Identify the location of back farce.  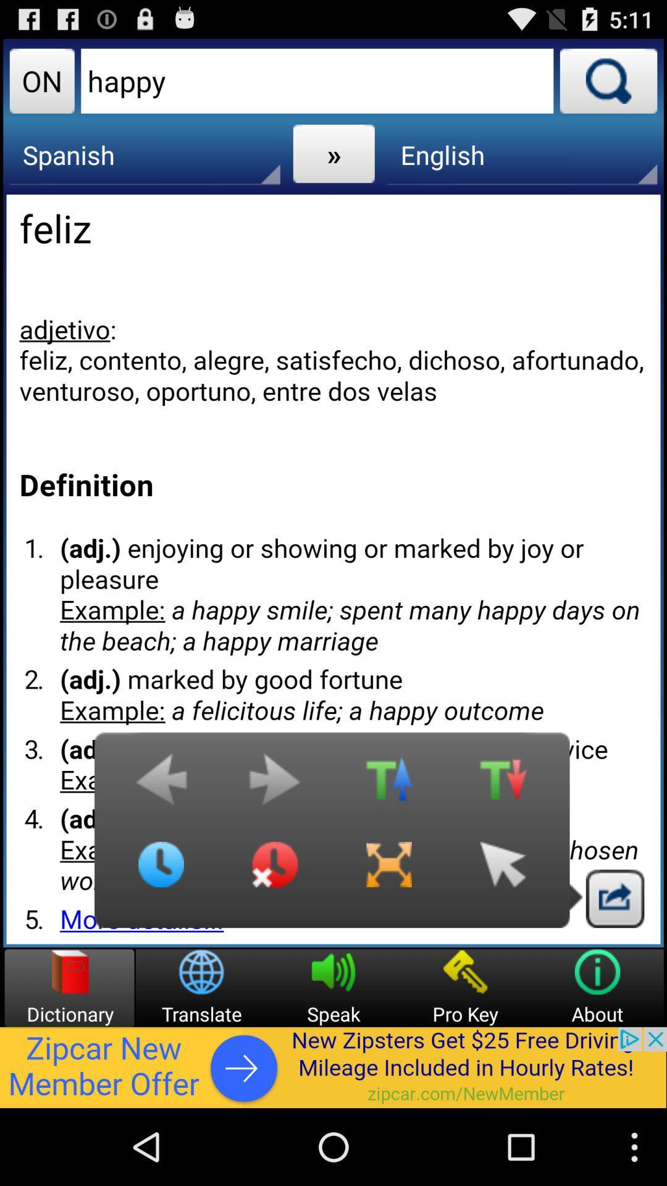
(503, 873).